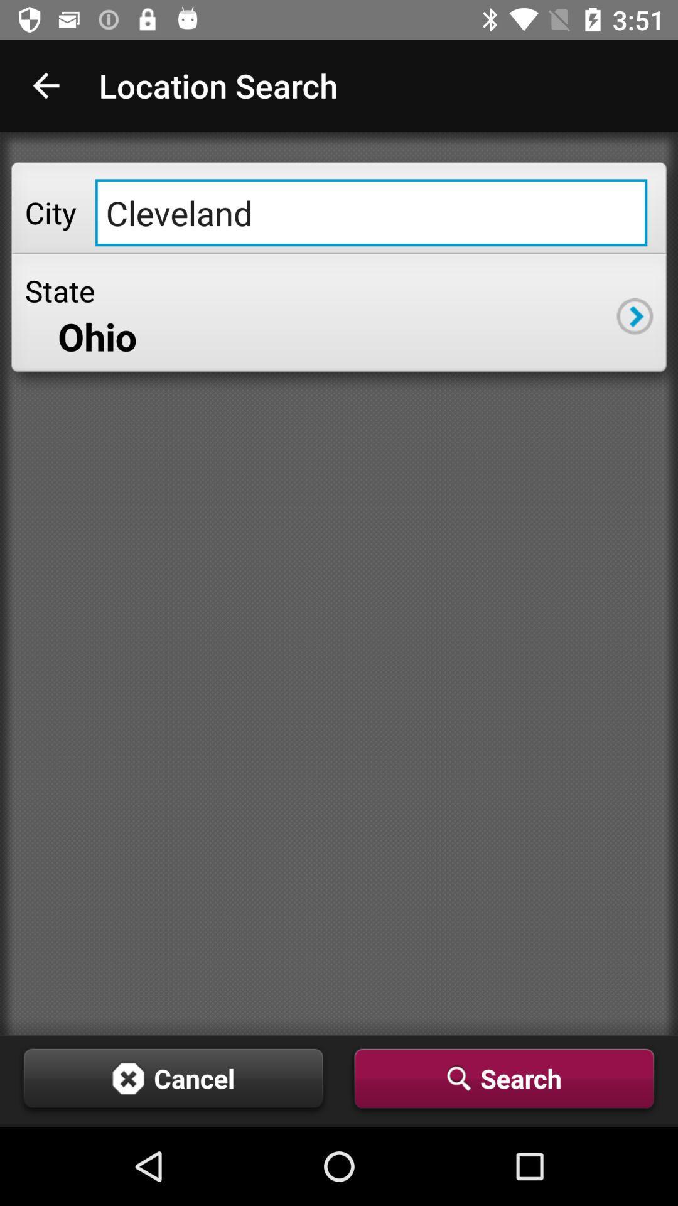  Describe the element at coordinates (370, 212) in the screenshot. I see `the item next to city icon` at that location.